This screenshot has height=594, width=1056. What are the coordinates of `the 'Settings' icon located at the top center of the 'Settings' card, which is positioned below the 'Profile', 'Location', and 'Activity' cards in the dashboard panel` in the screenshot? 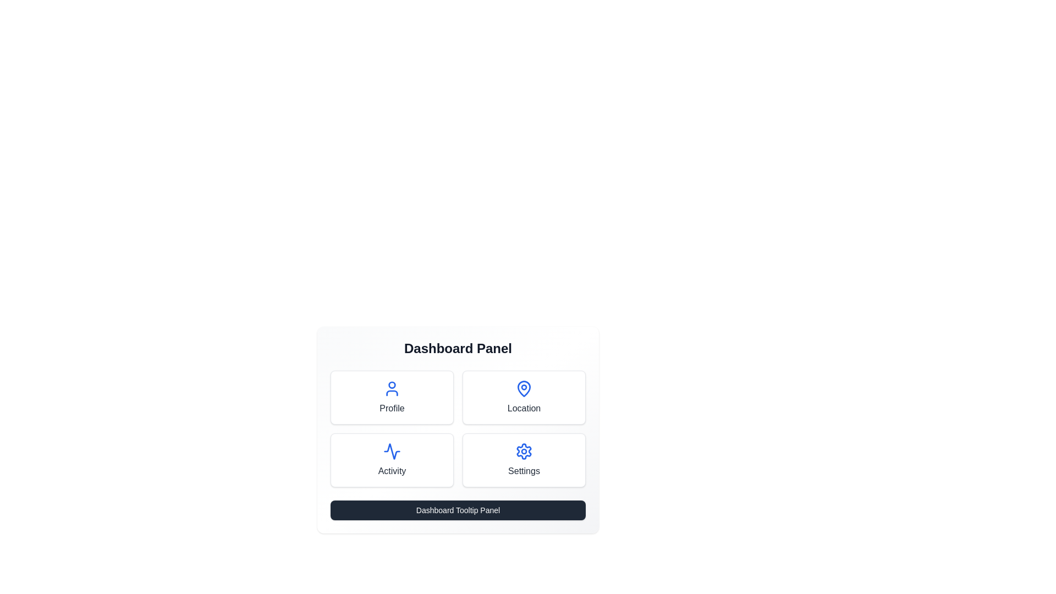 It's located at (524, 452).